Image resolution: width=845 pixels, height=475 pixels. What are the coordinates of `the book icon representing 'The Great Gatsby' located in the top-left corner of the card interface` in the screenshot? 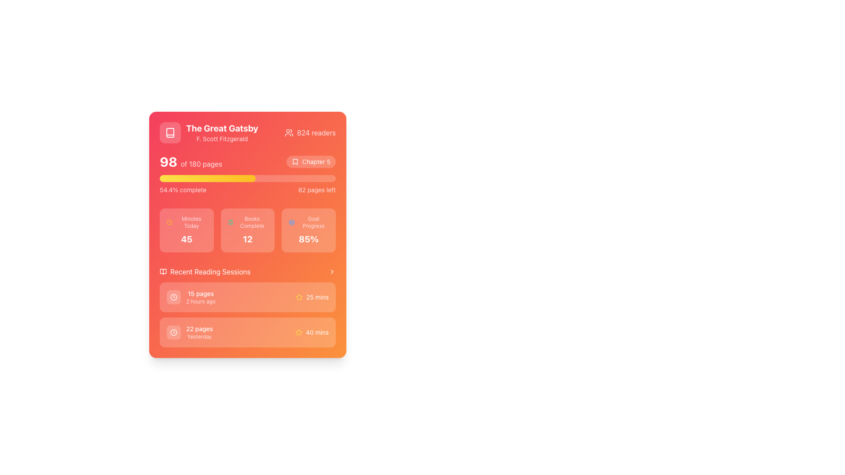 It's located at (170, 132).